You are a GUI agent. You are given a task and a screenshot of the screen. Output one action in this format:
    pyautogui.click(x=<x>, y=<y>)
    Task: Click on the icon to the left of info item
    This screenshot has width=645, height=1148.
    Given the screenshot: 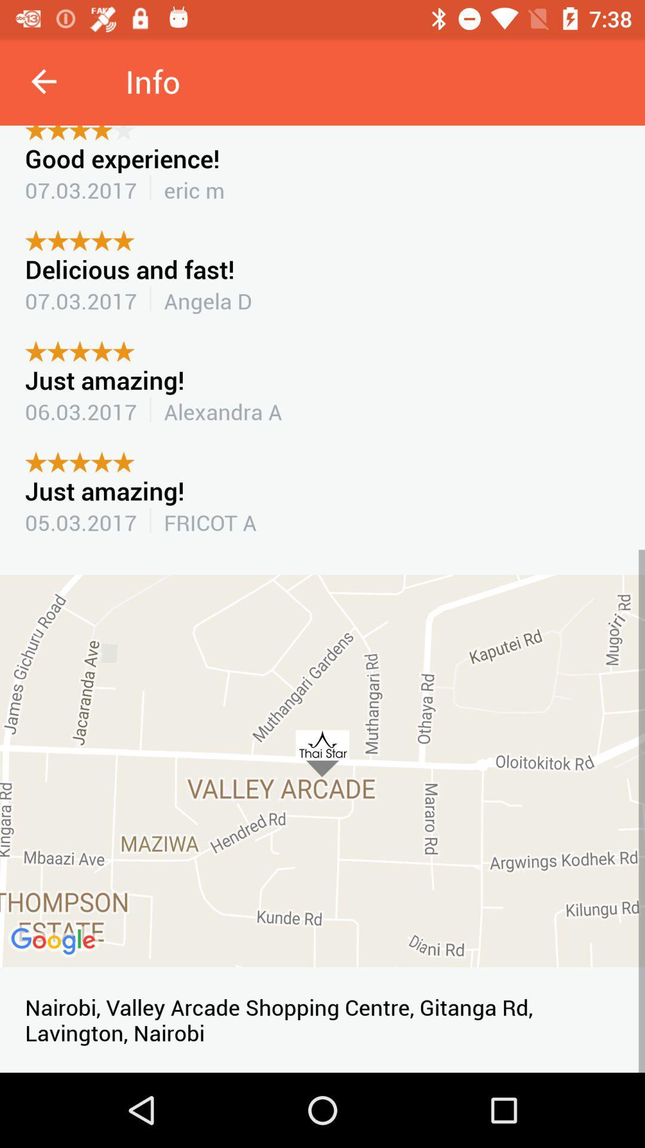 What is the action you would take?
    pyautogui.click(x=43, y=81)
    